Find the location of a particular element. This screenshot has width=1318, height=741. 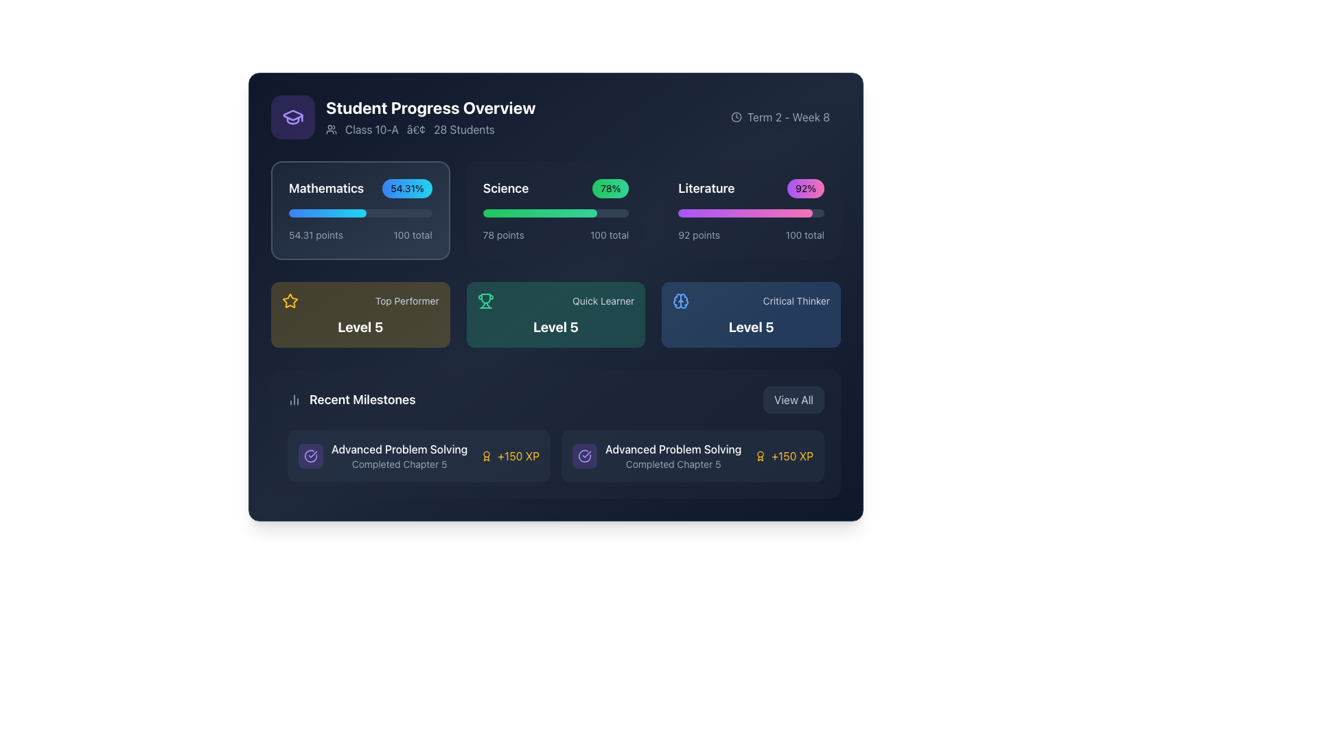

the static label displaying the total achievable points or score for the Science category, located next to '78 points' in the progress tracking interface is located at coordinates (609, 235).